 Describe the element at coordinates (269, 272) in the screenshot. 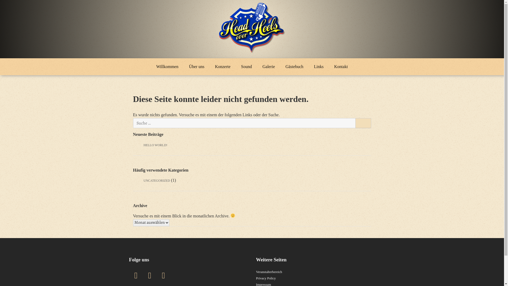

I see `'Veranstalterbereich'` at that location.